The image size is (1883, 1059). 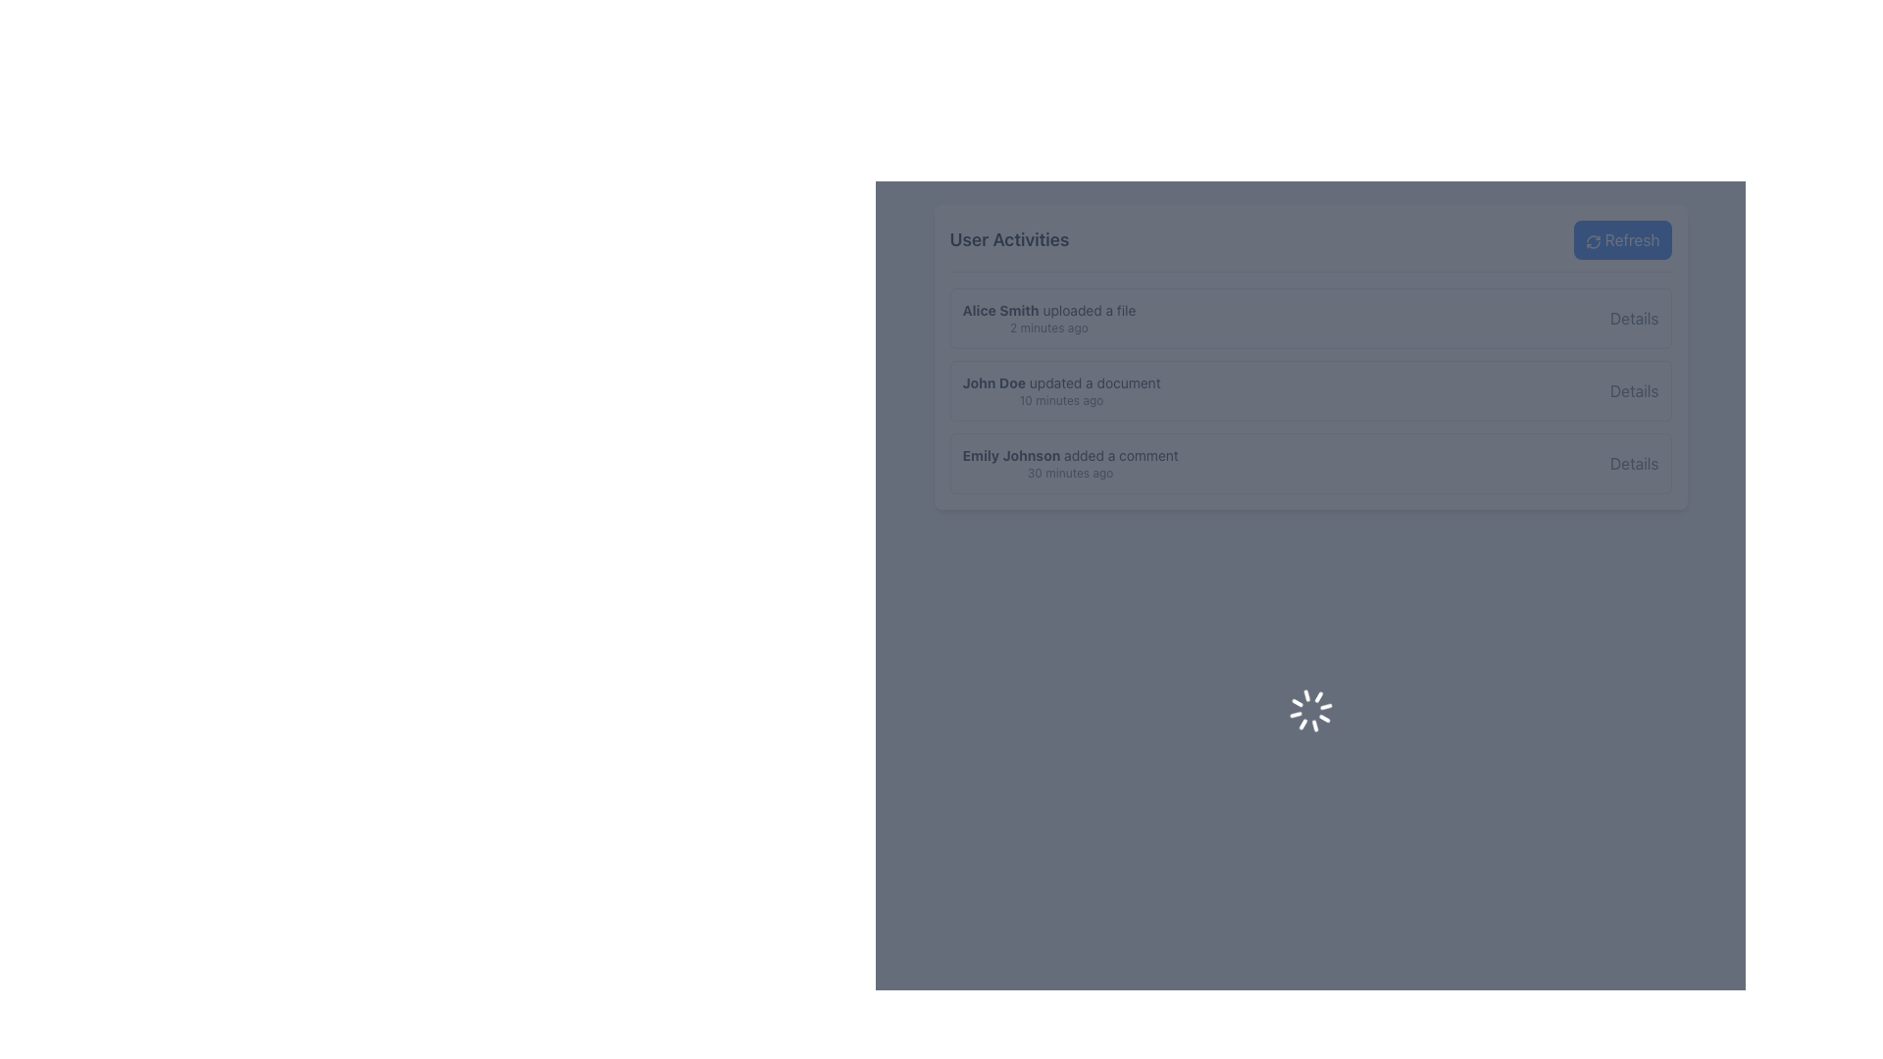 I want to click on activity details displayed in the text block showing 'Alice Smith uploaded a file 2 minutes ago' located in the 'User Activities' section, positioned to the left of the 'Details' button, so click(x=1047, y=317).